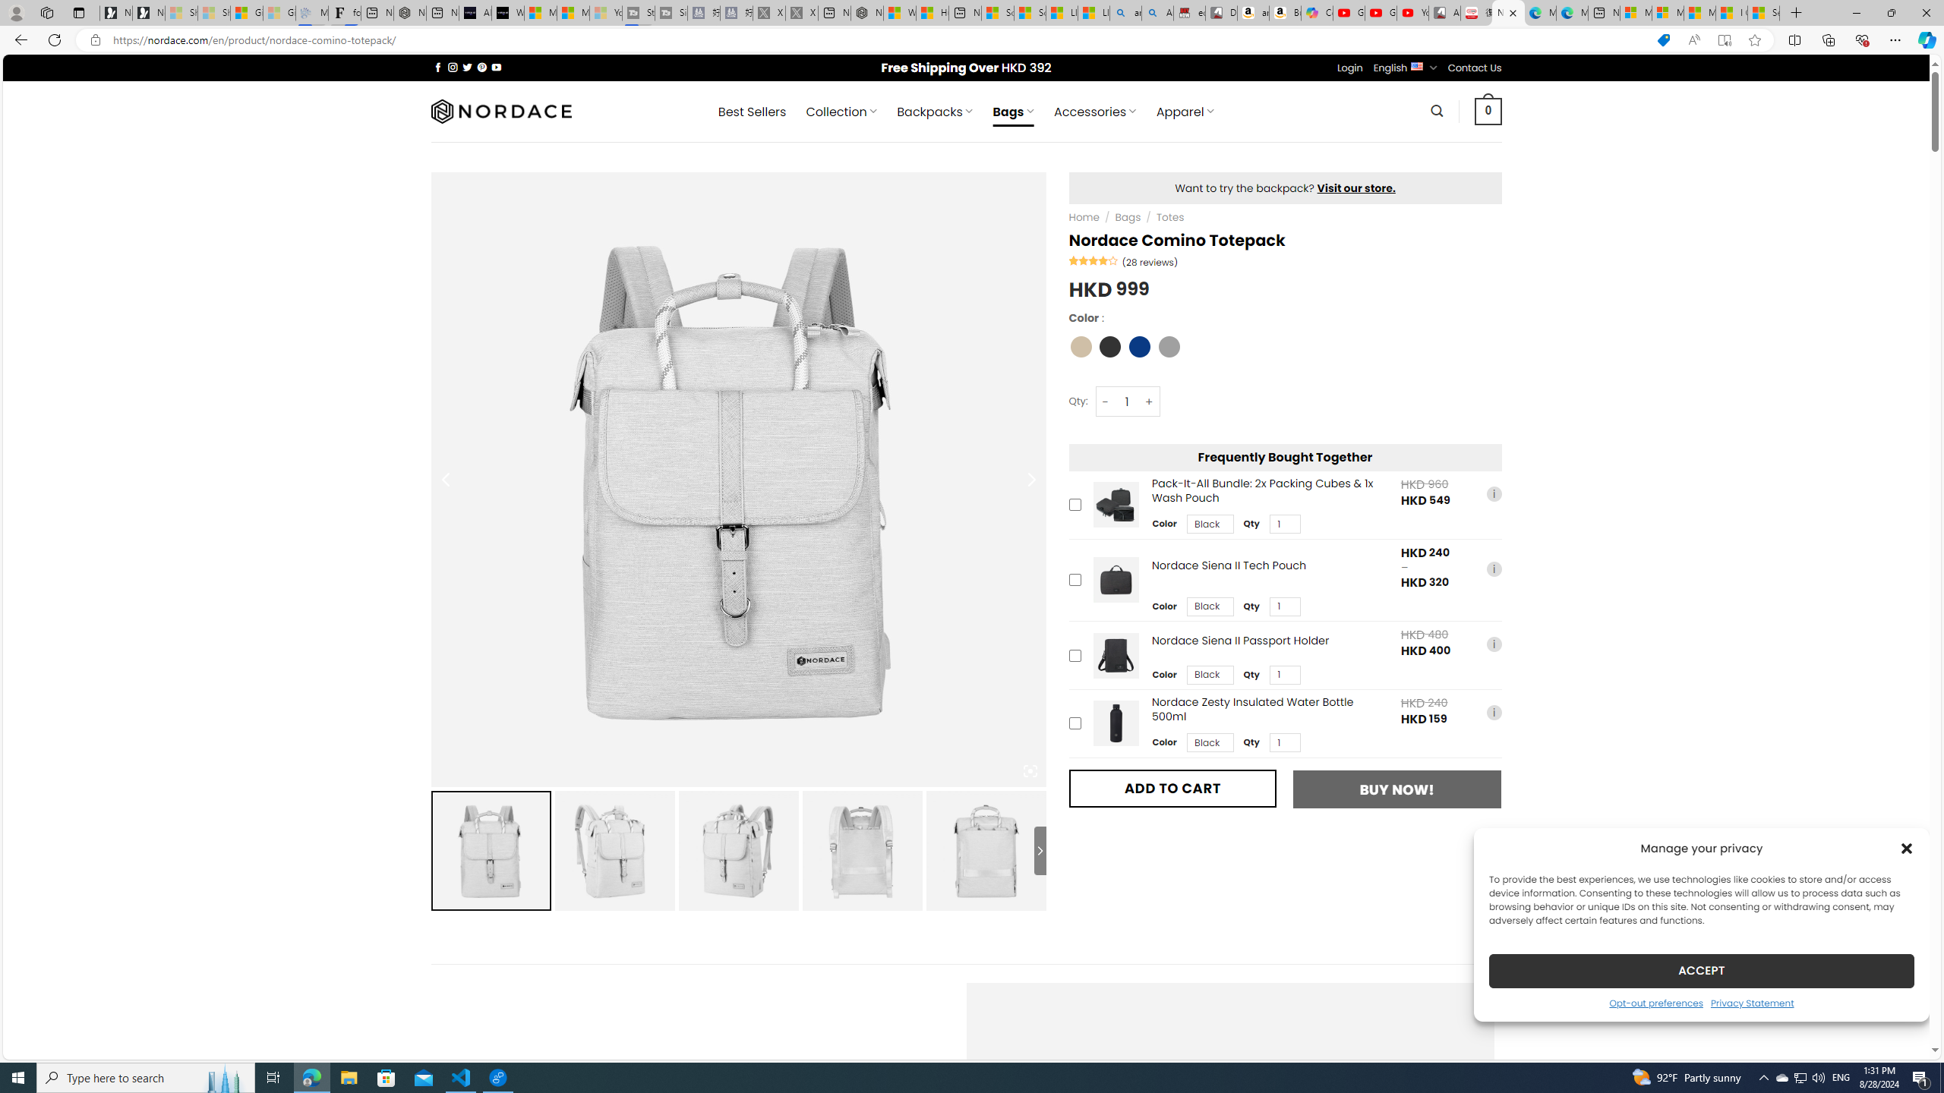 This screenshot has height=1093, width=1944. I want to click on '(28 reviews)', so click(1149, 261).